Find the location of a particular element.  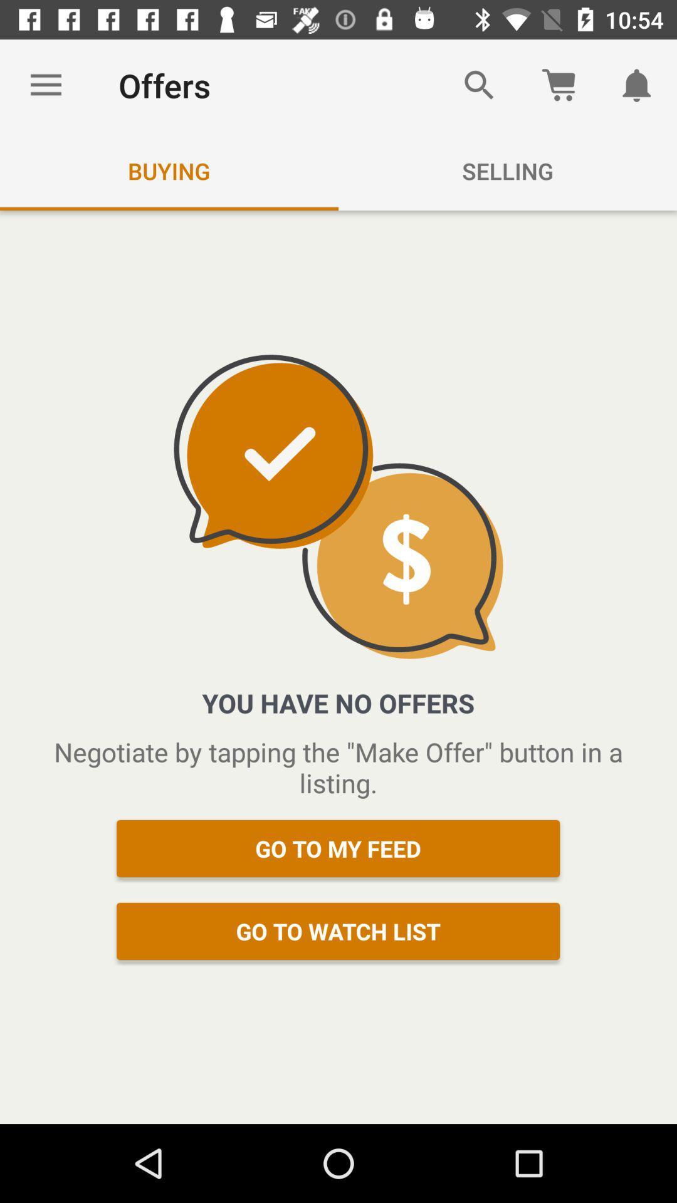

the item next to the offers is located at coordinates (479, 85).